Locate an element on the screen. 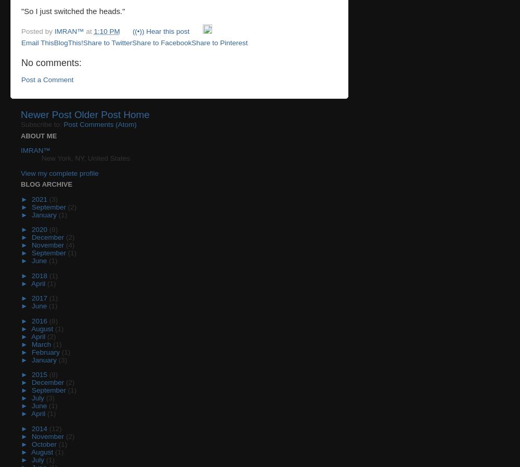 The width and height of the screenshot is (520, 467). '2014' is located at coordinates (40, 428).